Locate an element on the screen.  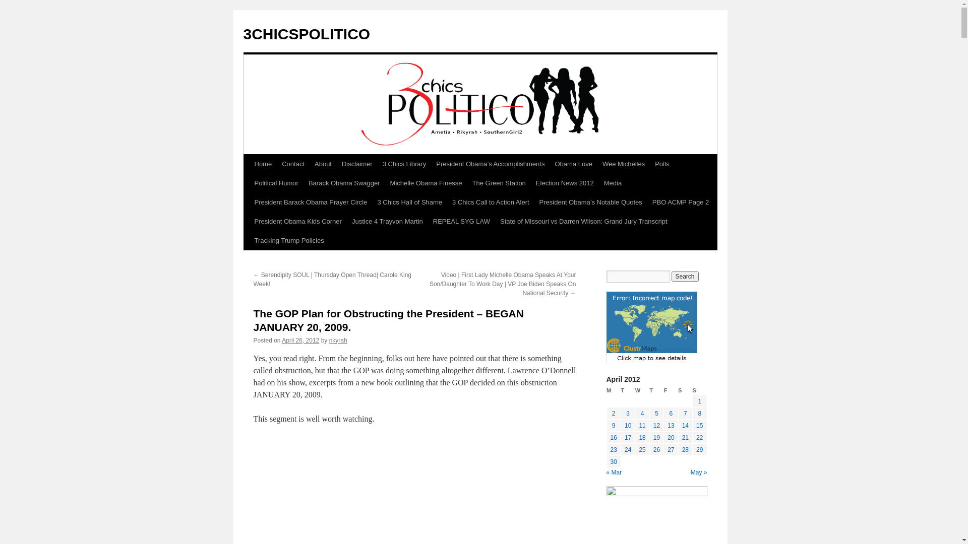
'Barack Obama Swagger' is located at coordinates (302, 183).